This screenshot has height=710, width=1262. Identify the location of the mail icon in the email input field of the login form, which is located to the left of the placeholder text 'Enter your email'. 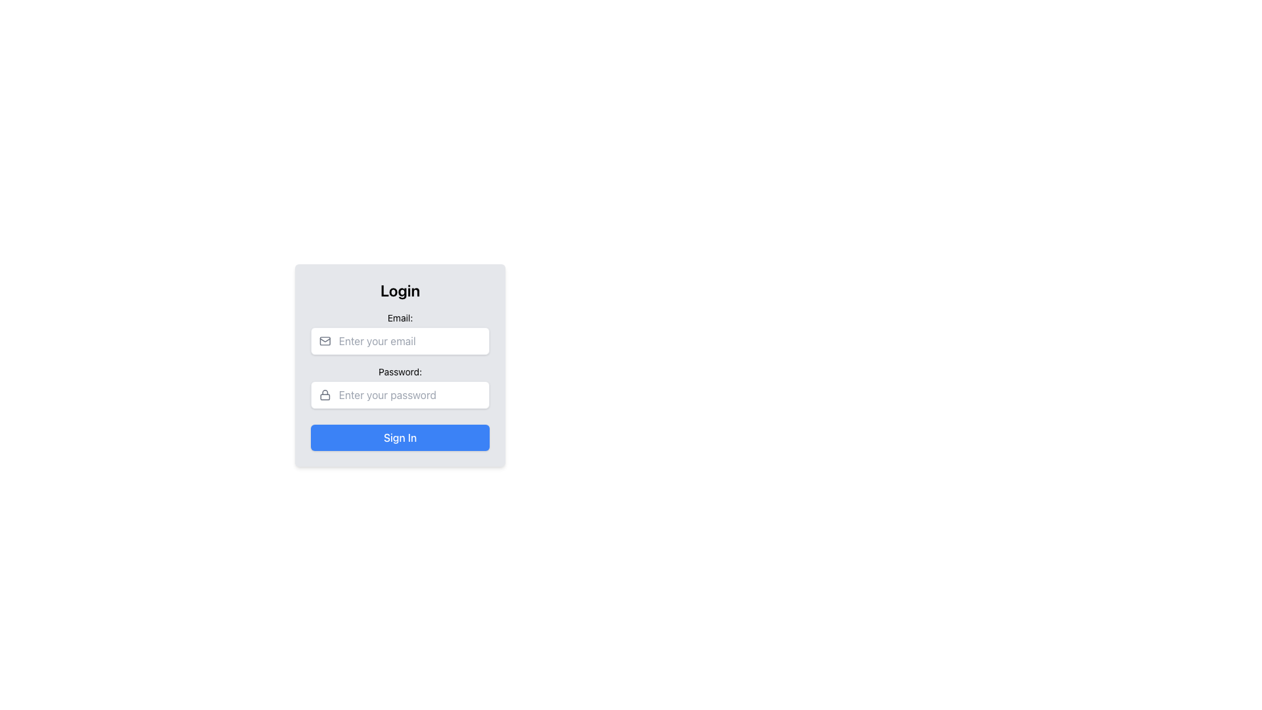
(325, 341).